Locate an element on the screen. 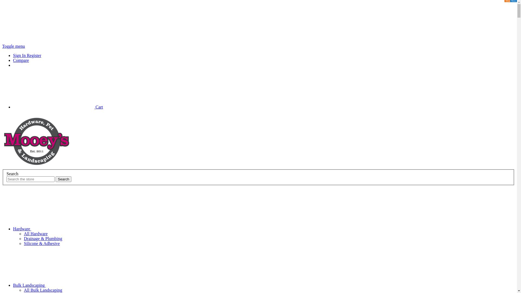  'Sign In' is located at coordinates (20, 55).